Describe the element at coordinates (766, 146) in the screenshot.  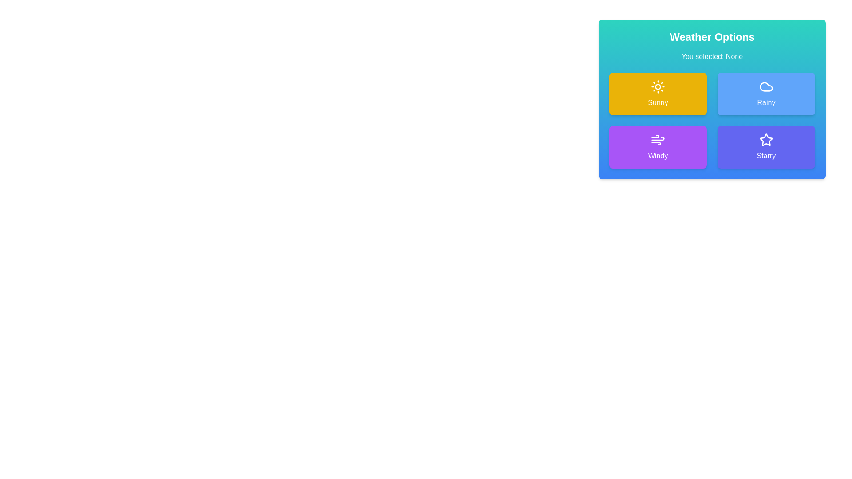
I see `the 'Starry' weather option button, which is the fourth button in a grid of four weather options (Sunny, Rainy, Windy, Starry) located in the second row and second column, to observe any hover effects` at that location.